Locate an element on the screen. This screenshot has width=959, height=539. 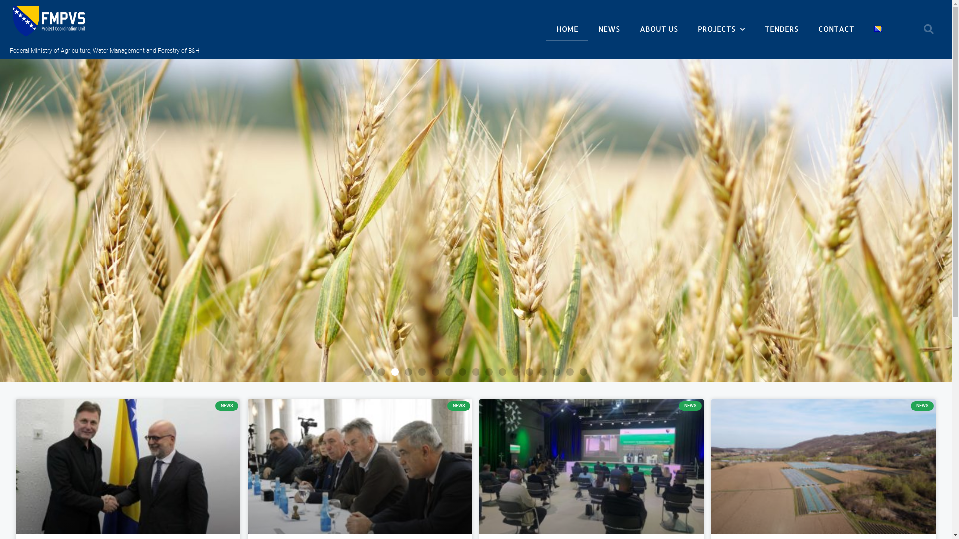
'PROJECTS' is located at coordinates (721, 28).